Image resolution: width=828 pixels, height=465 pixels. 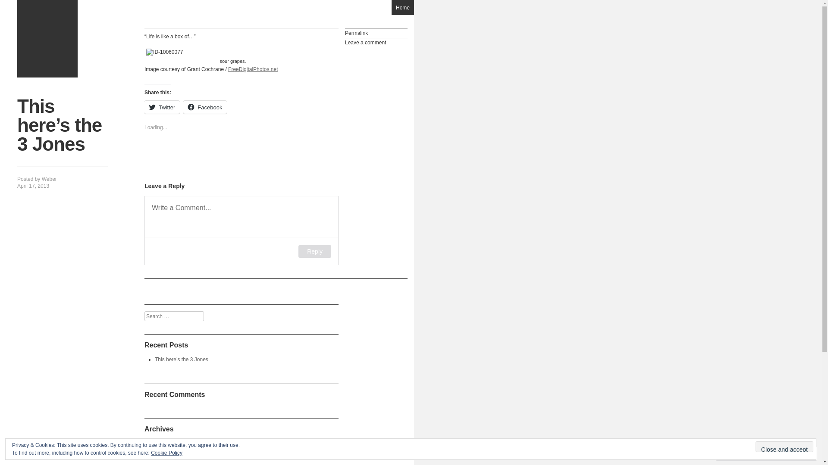 What do you see at coordinates (166, 453) in the screenshot?
I see `'Cookie Policy'` at bounding box center [166, 453].